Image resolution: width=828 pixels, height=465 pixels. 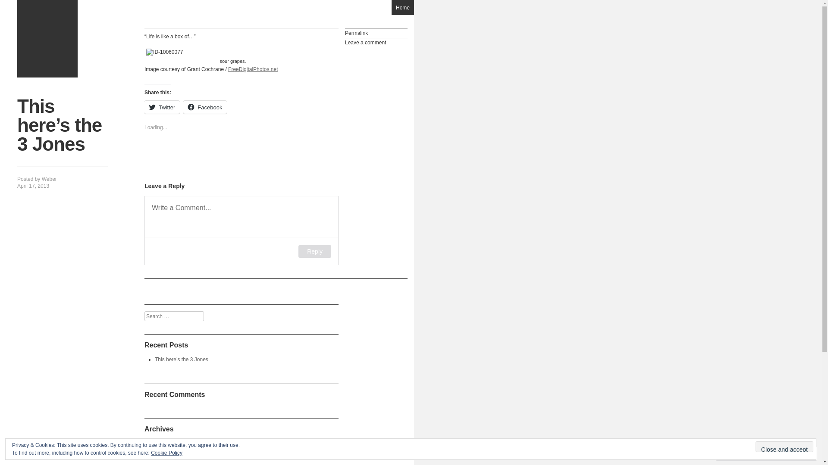 What do you see at coordinates (166, 453) in the screenshot?
I see `'Cookie Policy'` at bounding box center [166, 453].